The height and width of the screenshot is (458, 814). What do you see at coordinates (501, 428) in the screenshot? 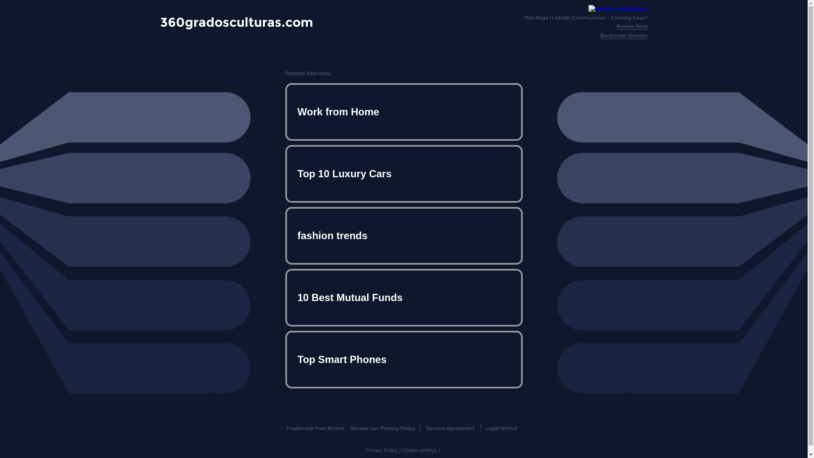
I see `'Legal Notice'` at bounding box center [501, 428].